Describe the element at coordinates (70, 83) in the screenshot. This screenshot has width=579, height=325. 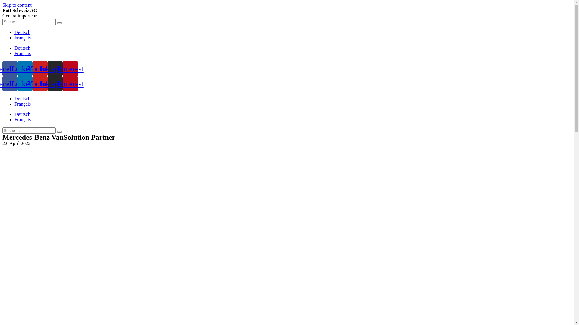
I see `'Pinterest'` at that location.